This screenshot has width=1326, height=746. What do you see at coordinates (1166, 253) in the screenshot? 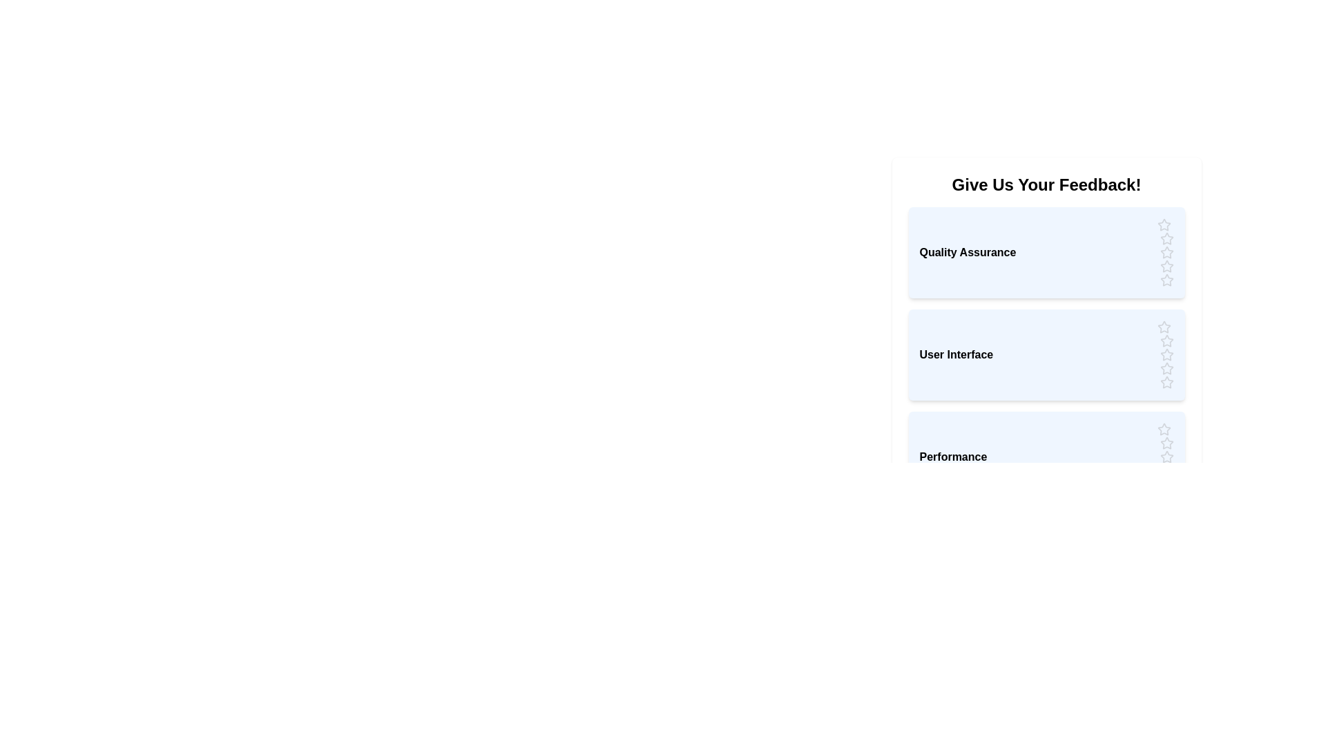
I see `the rating for the category 'Quality Assurance' to 3 stars` at bounding box center [1166, 253].